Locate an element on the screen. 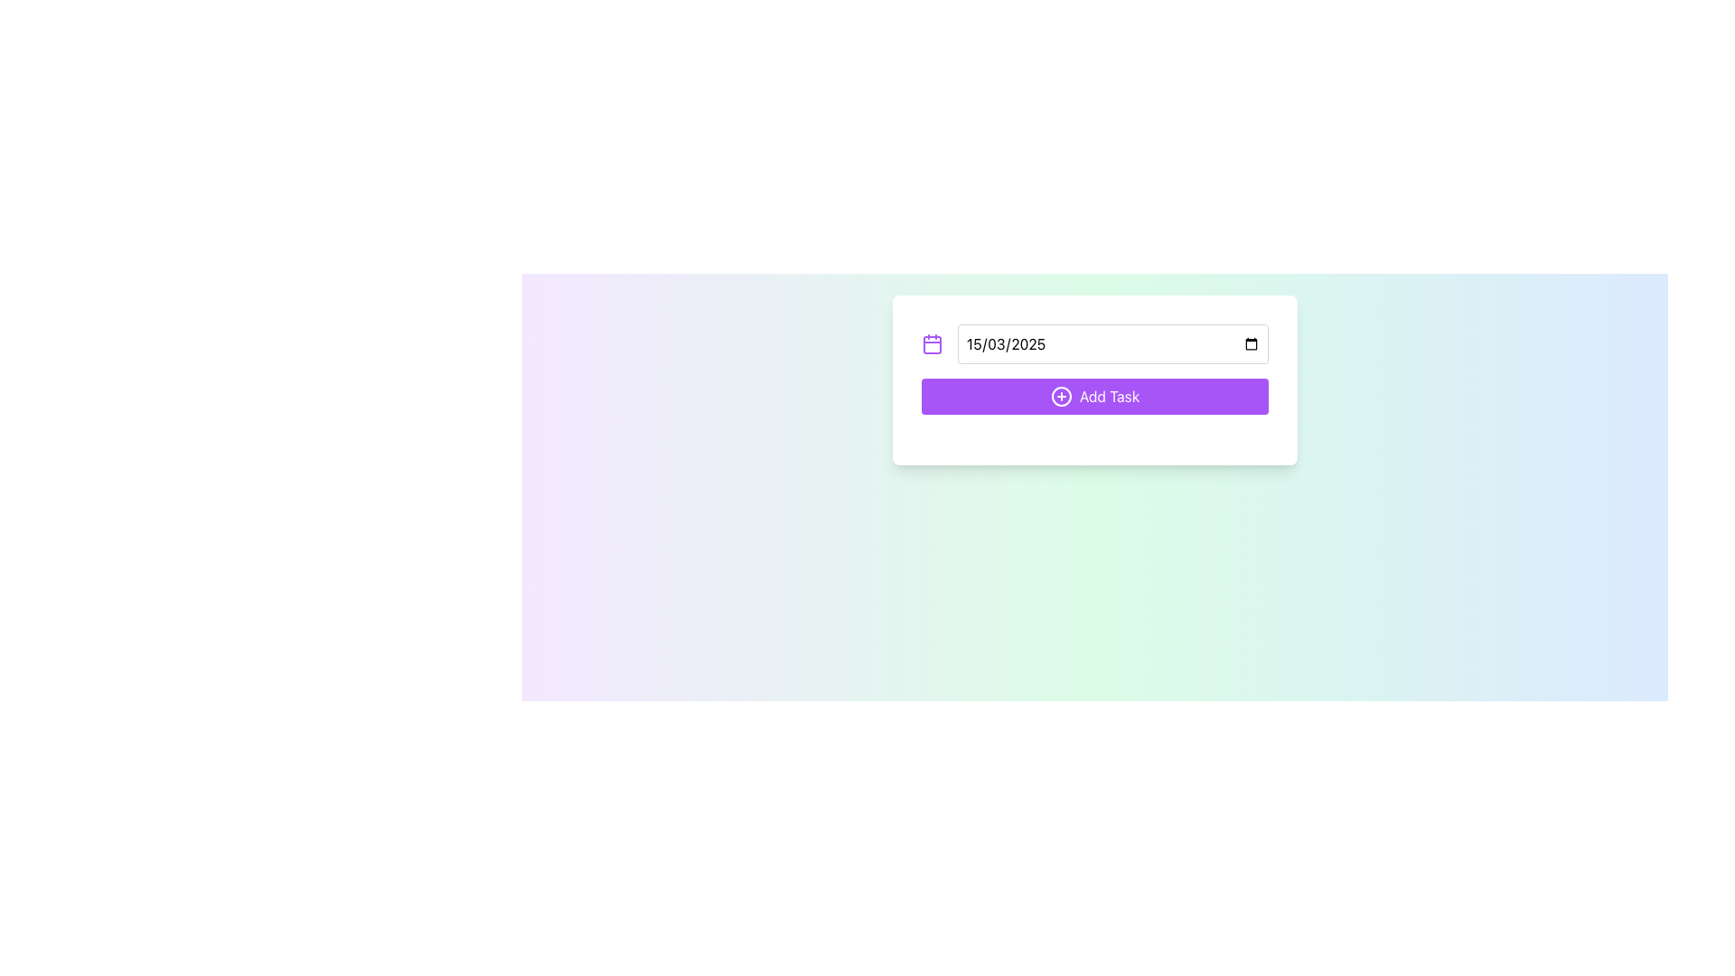  the purple rounded rectangle inside the calendar icon located near the top-left corner of the interface is located at coordinates (933, 344).